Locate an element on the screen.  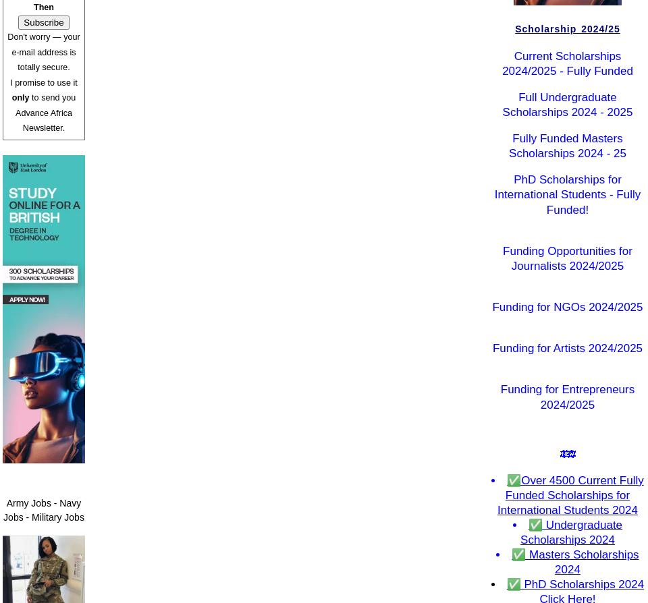
'Funding for NGOs 2024/2025' is located at coordinates (567, 307).